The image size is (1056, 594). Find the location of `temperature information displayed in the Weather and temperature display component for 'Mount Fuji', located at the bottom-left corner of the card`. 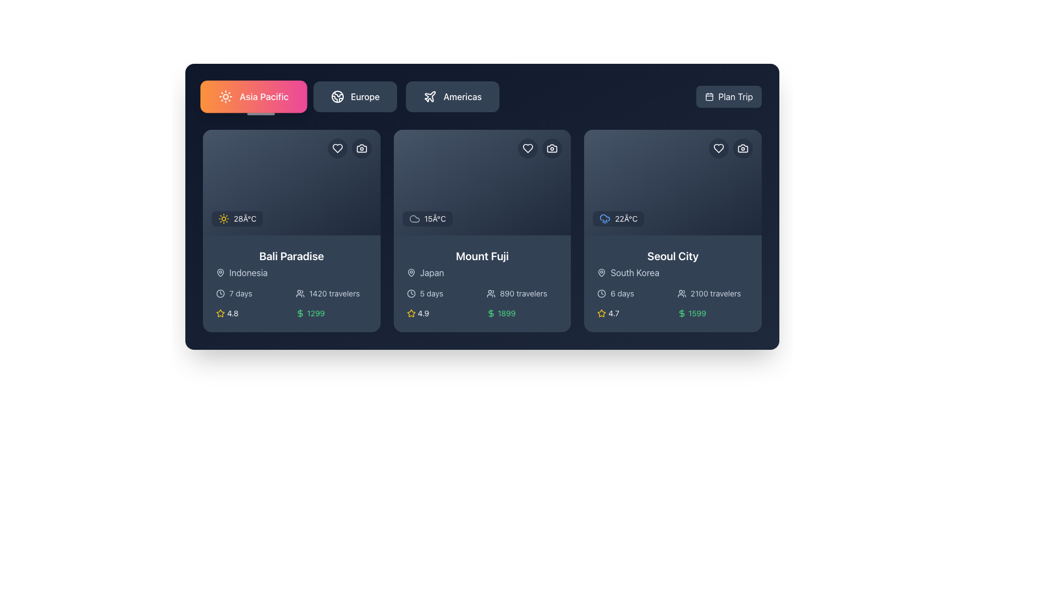

temperature information displayed in the Weather and temperature display component for 'Mount Fuji', located at the bottom-left corner of the card is located at coordinates (427, 218).